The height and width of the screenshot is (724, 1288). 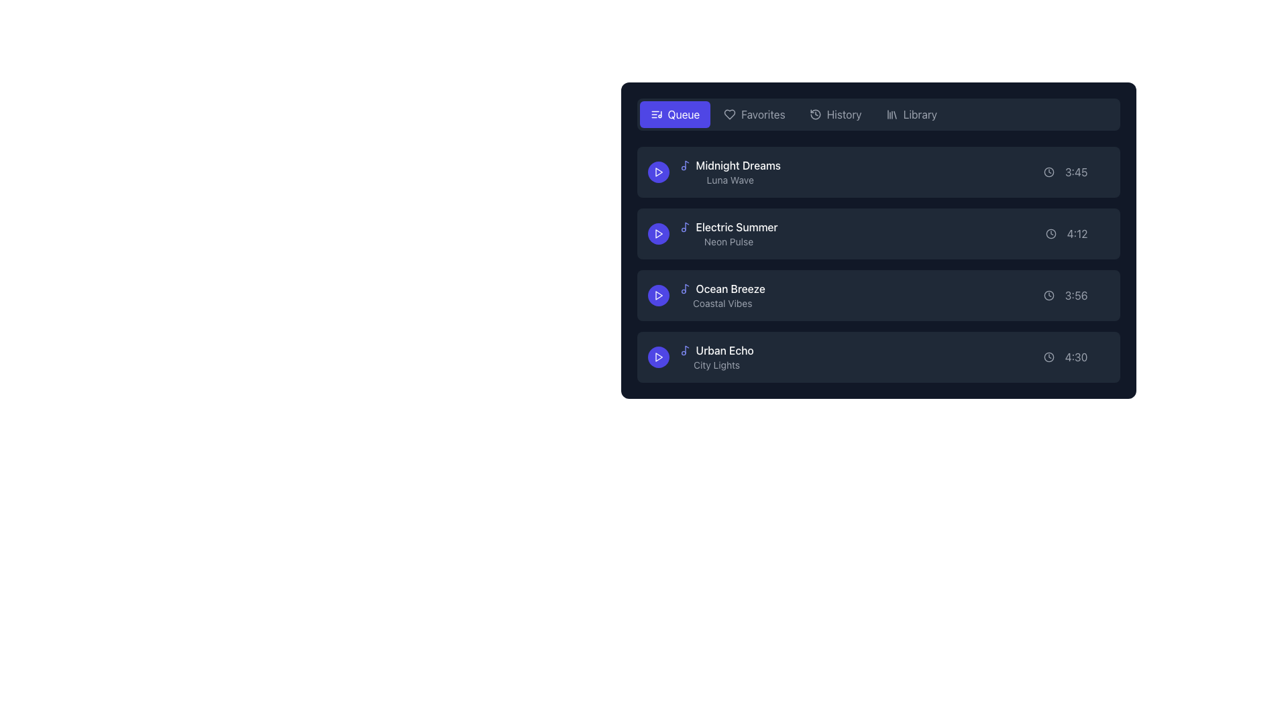 I want to click on the third text label in the 'Queue' section, which displays the track name and associated album or theme, so click(x=722, y=294).